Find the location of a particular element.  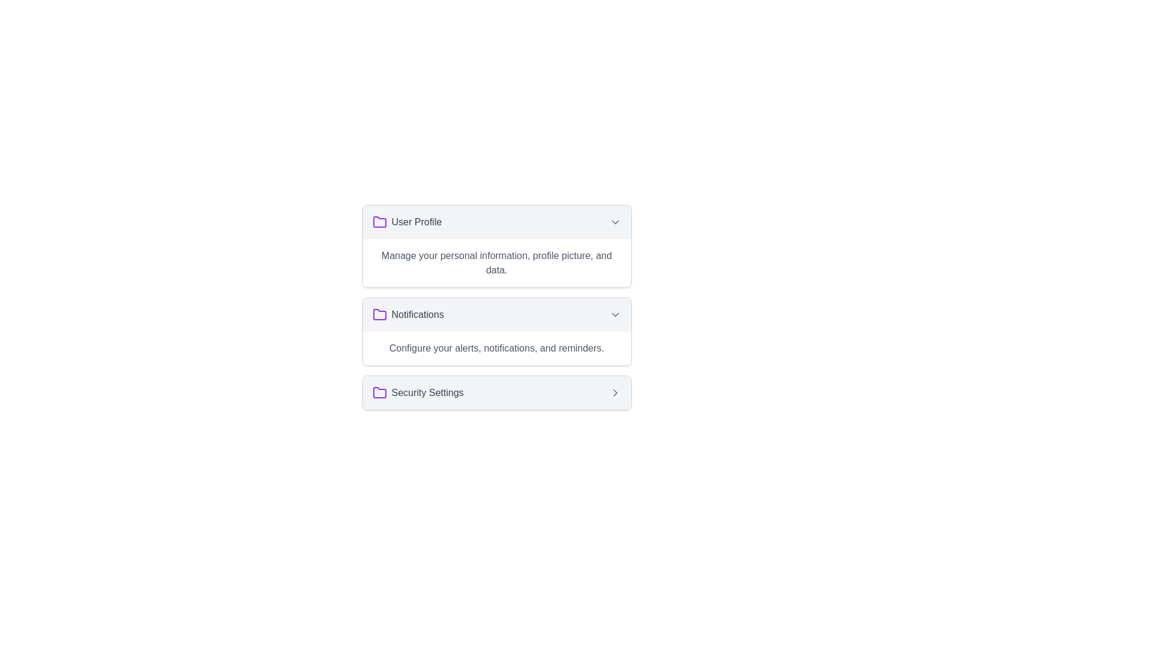

the downward Chevron icon in the 'User Profile' section is located at coordinates (615, 222).